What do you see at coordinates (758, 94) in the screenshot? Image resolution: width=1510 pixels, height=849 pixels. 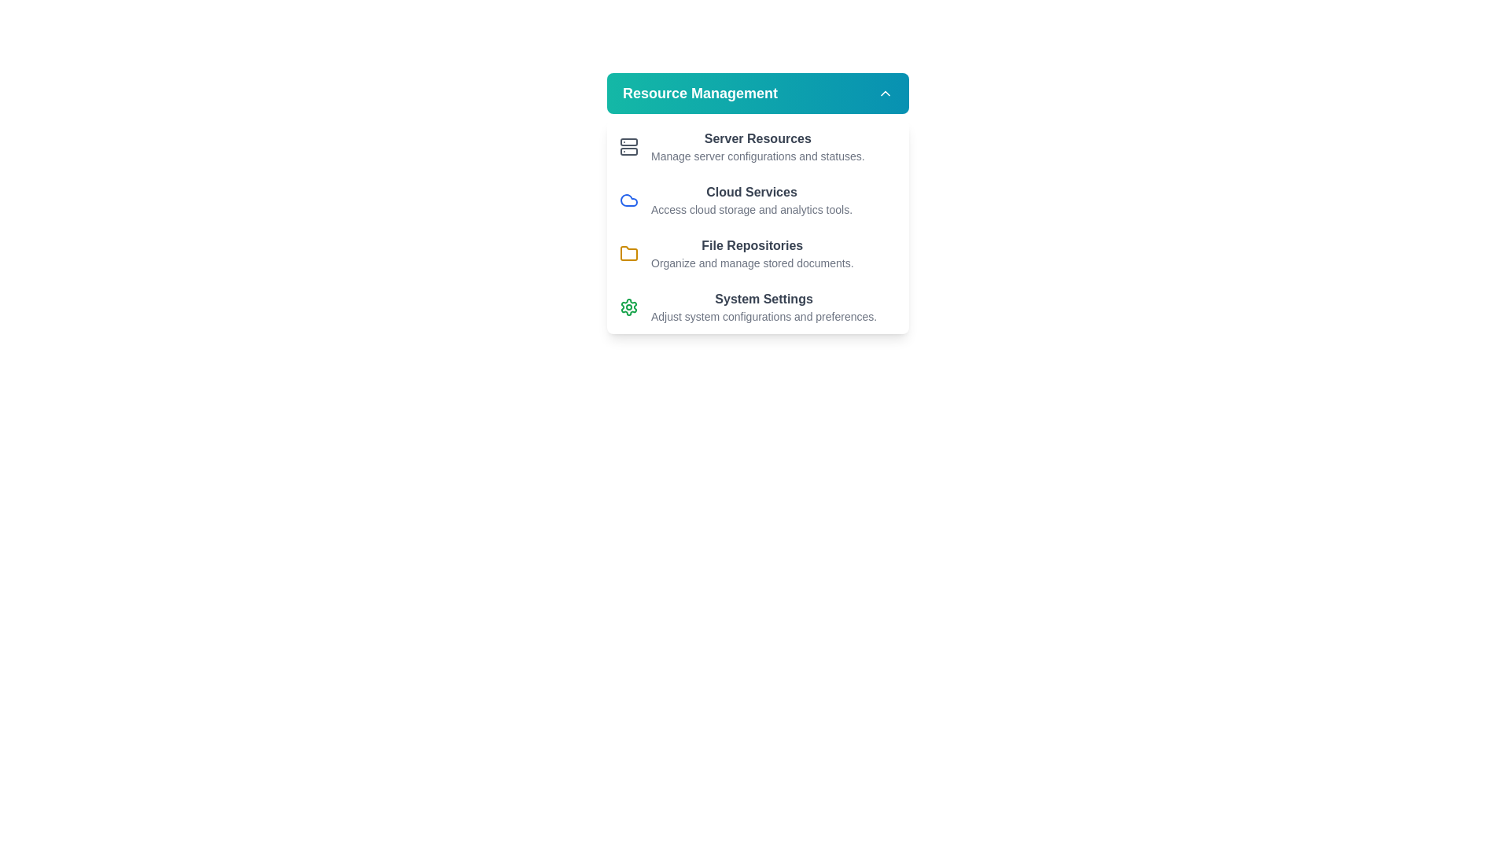 I see `the Dropdown header labeled 'Resource Management' with a gradient background` at bounding box center [758, 94].